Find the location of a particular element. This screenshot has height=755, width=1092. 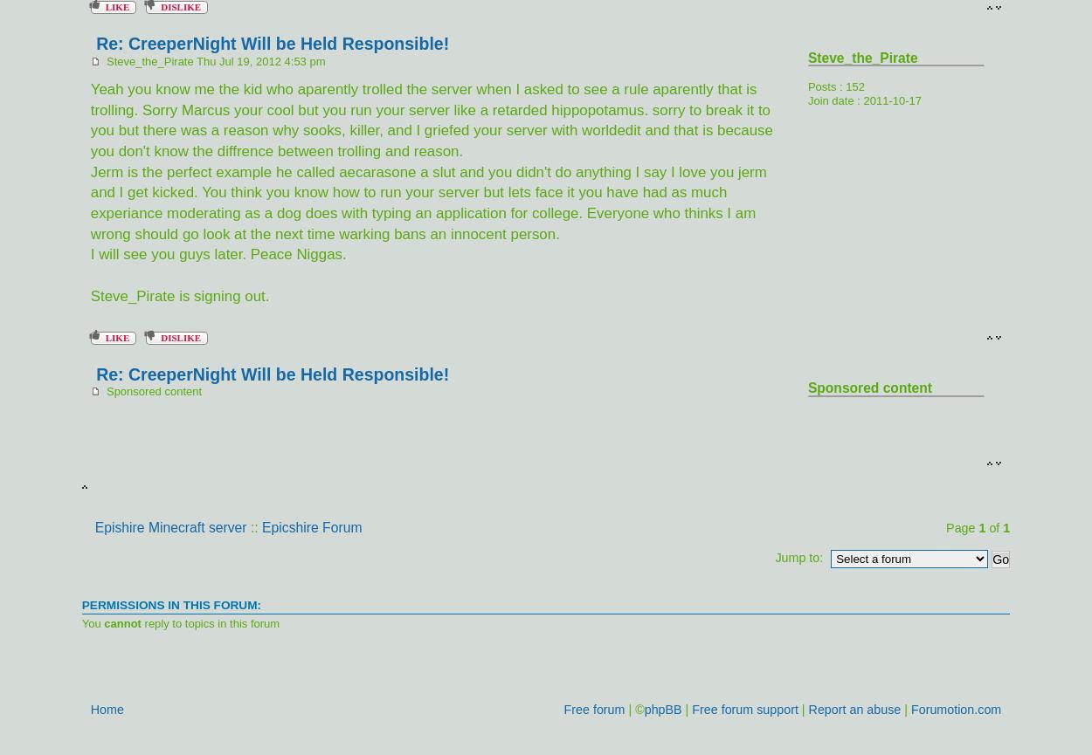

'Steve_the_Pirate Thu Jul 19, 2012 4:53 pm' is located at coordinates (211, 60).